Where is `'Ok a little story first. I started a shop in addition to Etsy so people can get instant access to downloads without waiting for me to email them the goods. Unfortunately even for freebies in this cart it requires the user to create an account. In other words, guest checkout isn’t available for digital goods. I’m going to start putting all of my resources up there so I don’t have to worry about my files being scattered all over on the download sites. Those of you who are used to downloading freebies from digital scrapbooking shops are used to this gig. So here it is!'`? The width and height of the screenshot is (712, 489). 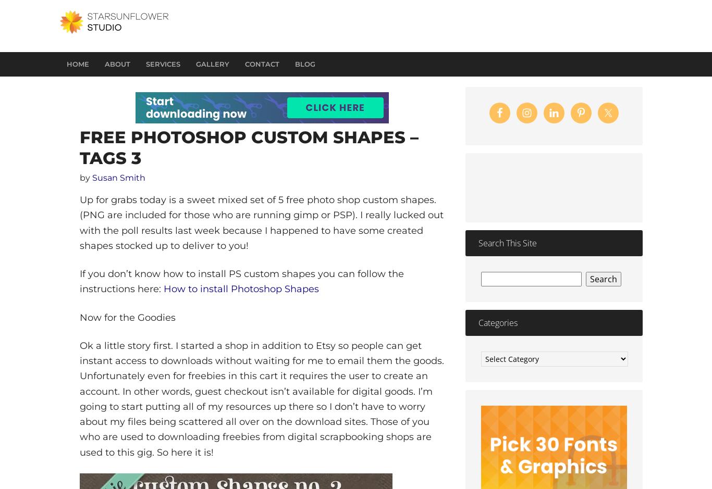 'Ok a little story first. I started a shop in addition to Etsy so people can get instant access to downloads without waiting for me to email them the goods. Unfortunately even for freebies in this cart it requires the user to create an account. In other words, guest checkout isn’t available for digital goods. I’m going to start putting all of my resources up there so I don’t have to worry about my files being scattered all over on the download sites. Those of you who are used to downloading freebies from digital scrapbooking shops are used to this gig. So here it is!' is located at coordinates (79, 398).